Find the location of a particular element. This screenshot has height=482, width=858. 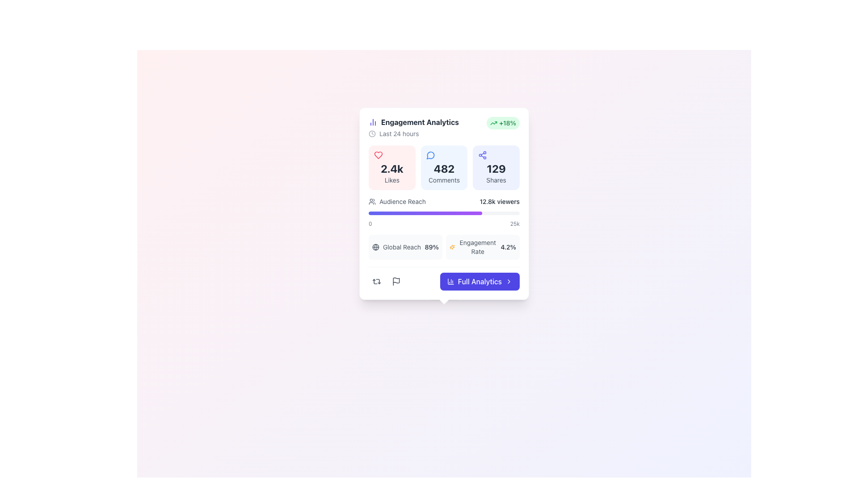

the text label displaying '2.4k' in a large, bold font, located in the upper-left area of a white card-like interface, within a pink-highlighted box, below a heart icon and above the text 'Likes' is located at coordinates (392, 169).